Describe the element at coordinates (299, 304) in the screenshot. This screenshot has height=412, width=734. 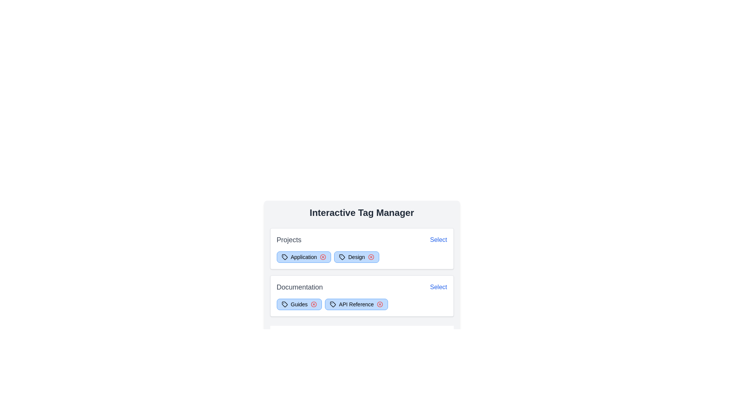
I see `the 'Guides' button, which is a light blue rectangular button with rounded corners, containing a black tag icon and the text 'Guides', located under the 'Documentation' header` at that location.